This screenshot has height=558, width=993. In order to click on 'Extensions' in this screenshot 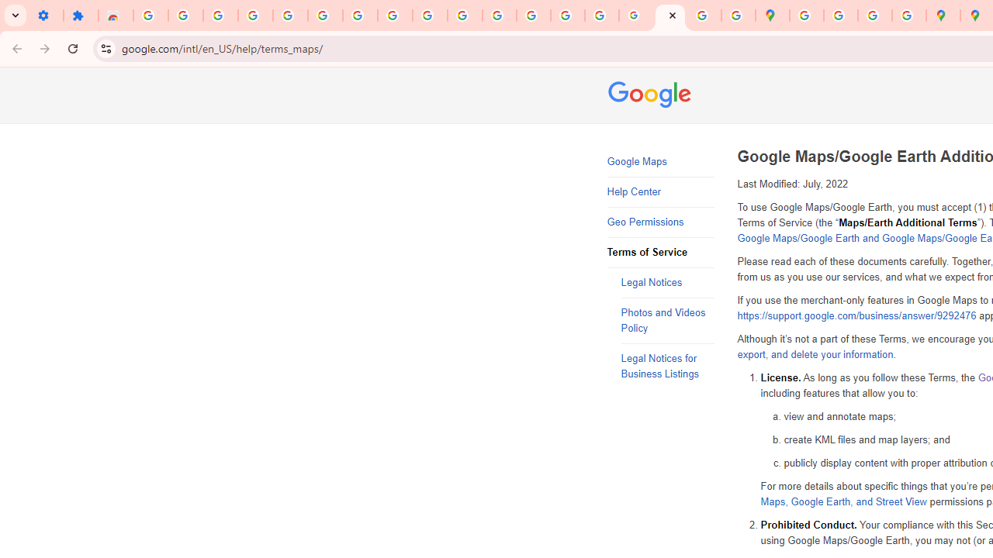, I will do `click(80, 15)`.